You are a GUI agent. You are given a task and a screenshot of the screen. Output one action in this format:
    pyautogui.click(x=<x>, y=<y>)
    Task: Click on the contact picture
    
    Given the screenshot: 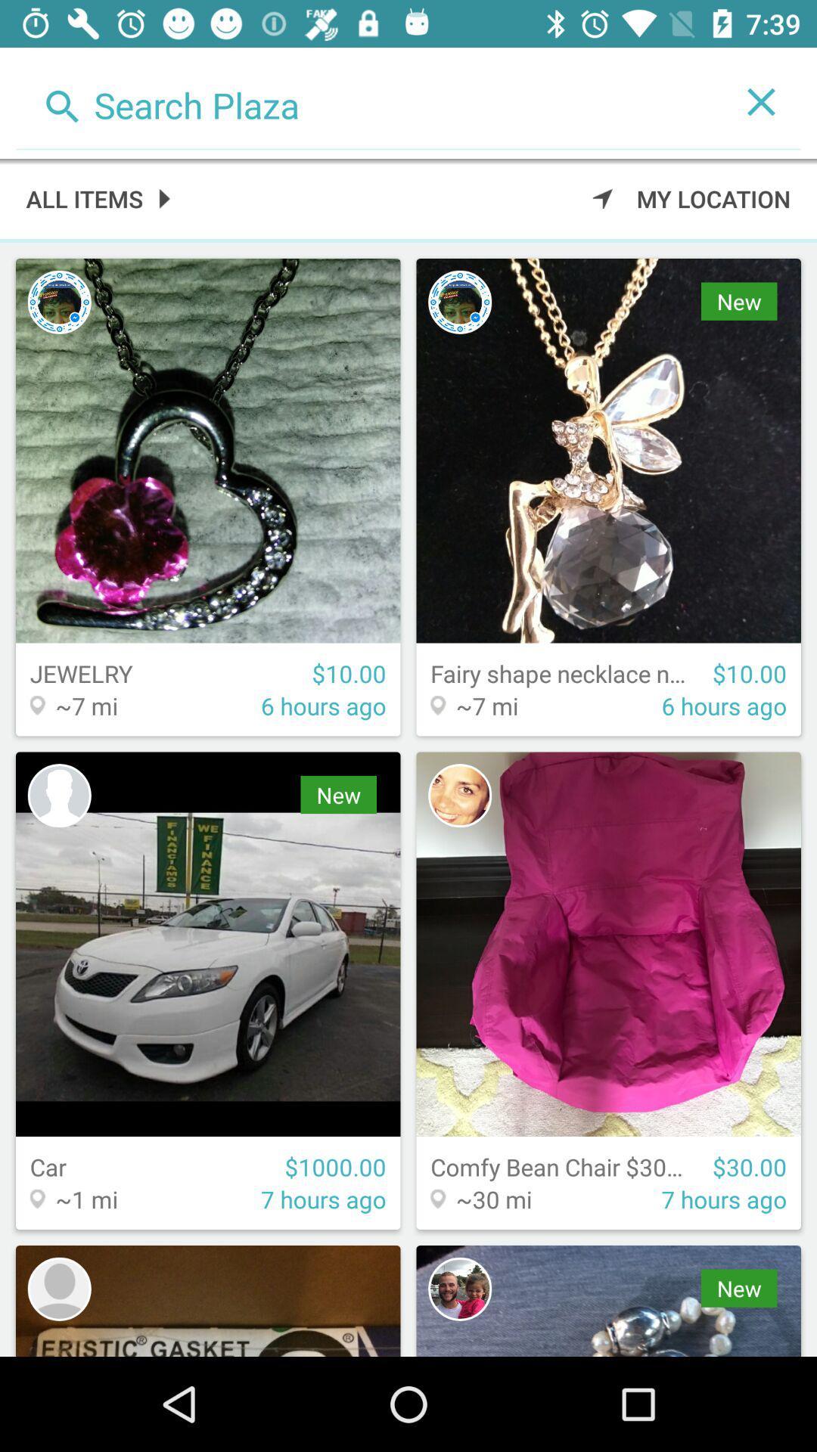 What is the action you would take?
    pyautogui.click(x=459, y=795)
    